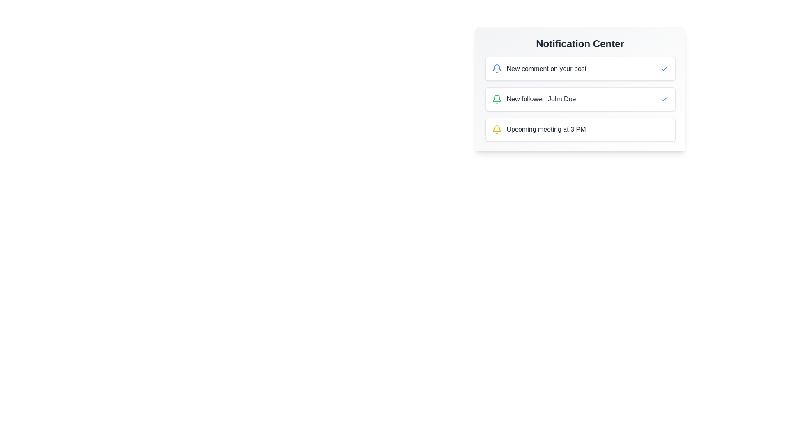 The height and width of the screenshot is (443, 788). I want to click on the green bell icon that indicates a 'new follower' update, located to the left of the text 'New follower: John Doe' in the Notification Center, so click(496, 99).